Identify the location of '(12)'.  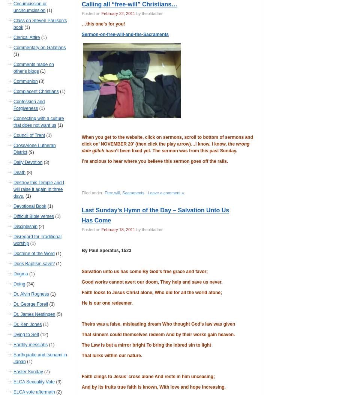
(39, 334).